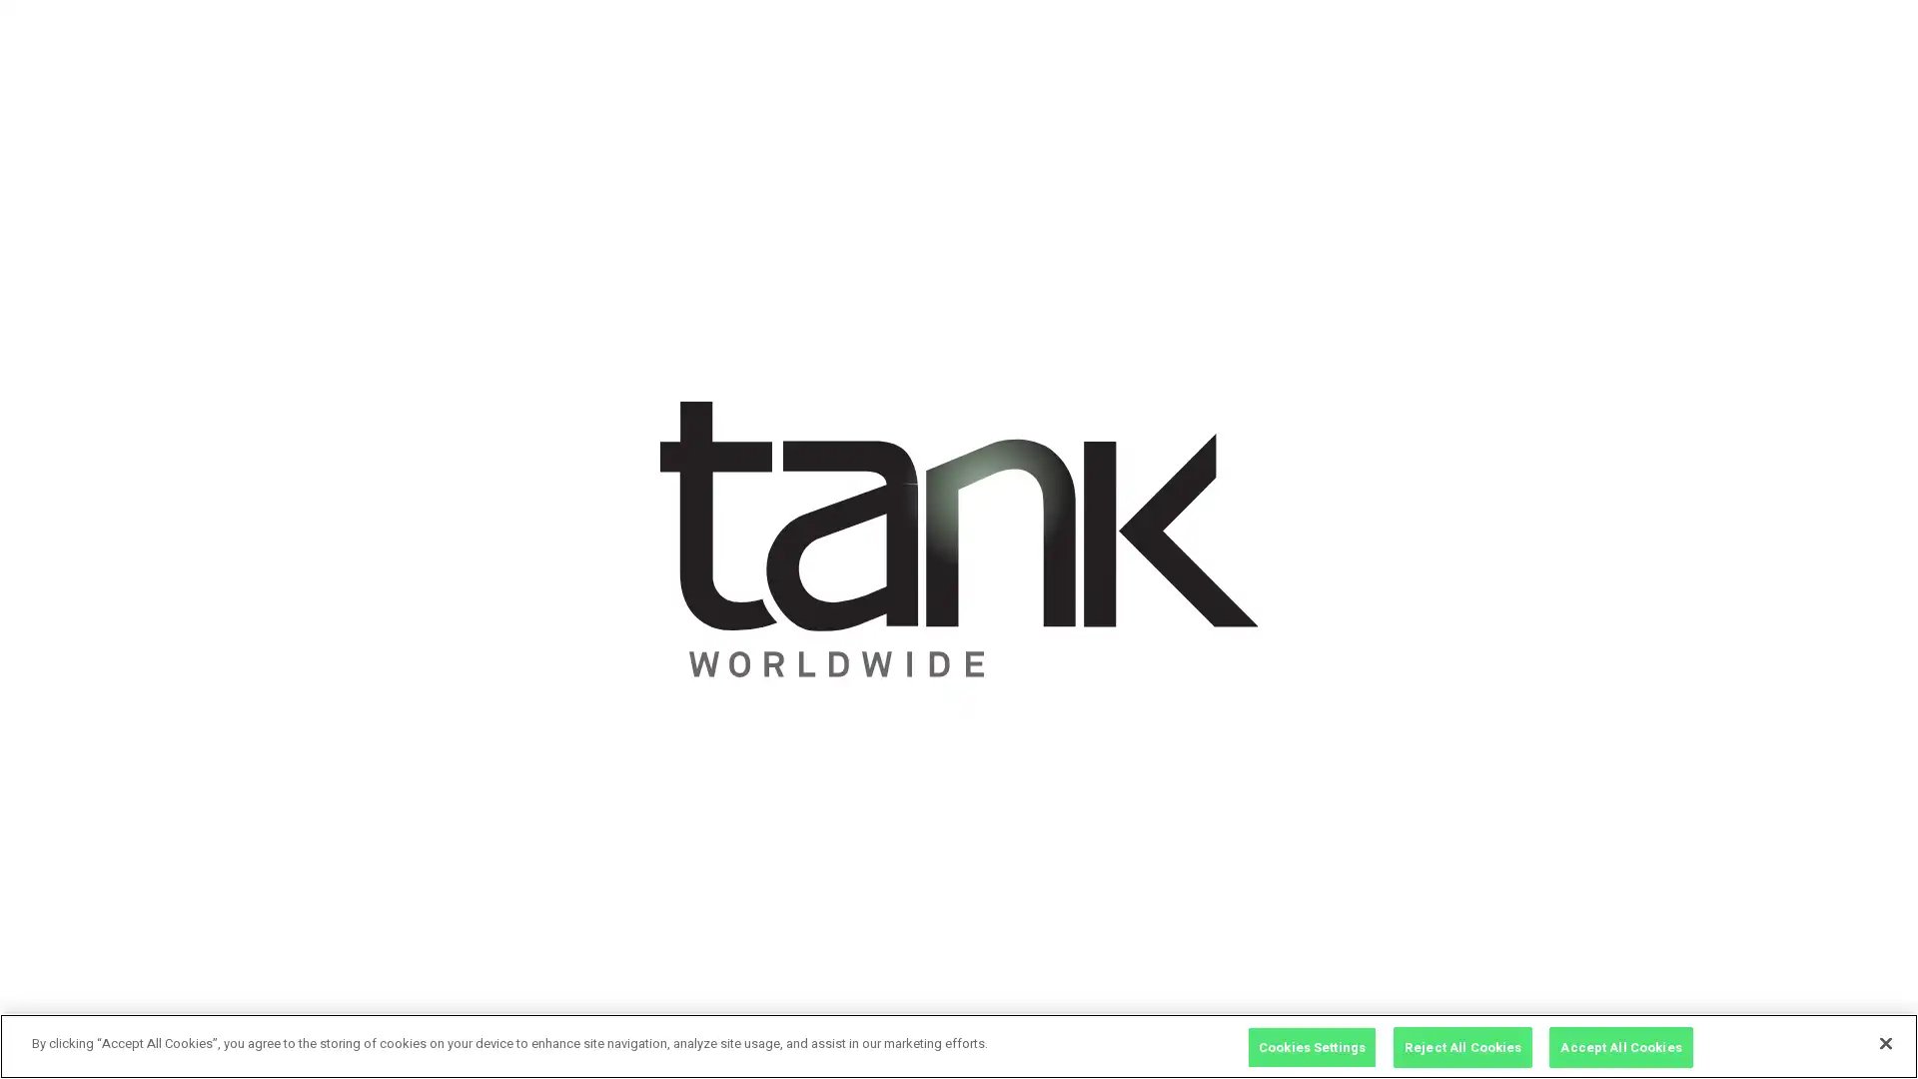 Image resolution: width=1918 pixels, height=1079 pixels. What do you see at coordinates (1620, 1047) in the screenshot?
I see `Accept All Cookies` at bounding box center [1620, 1047].